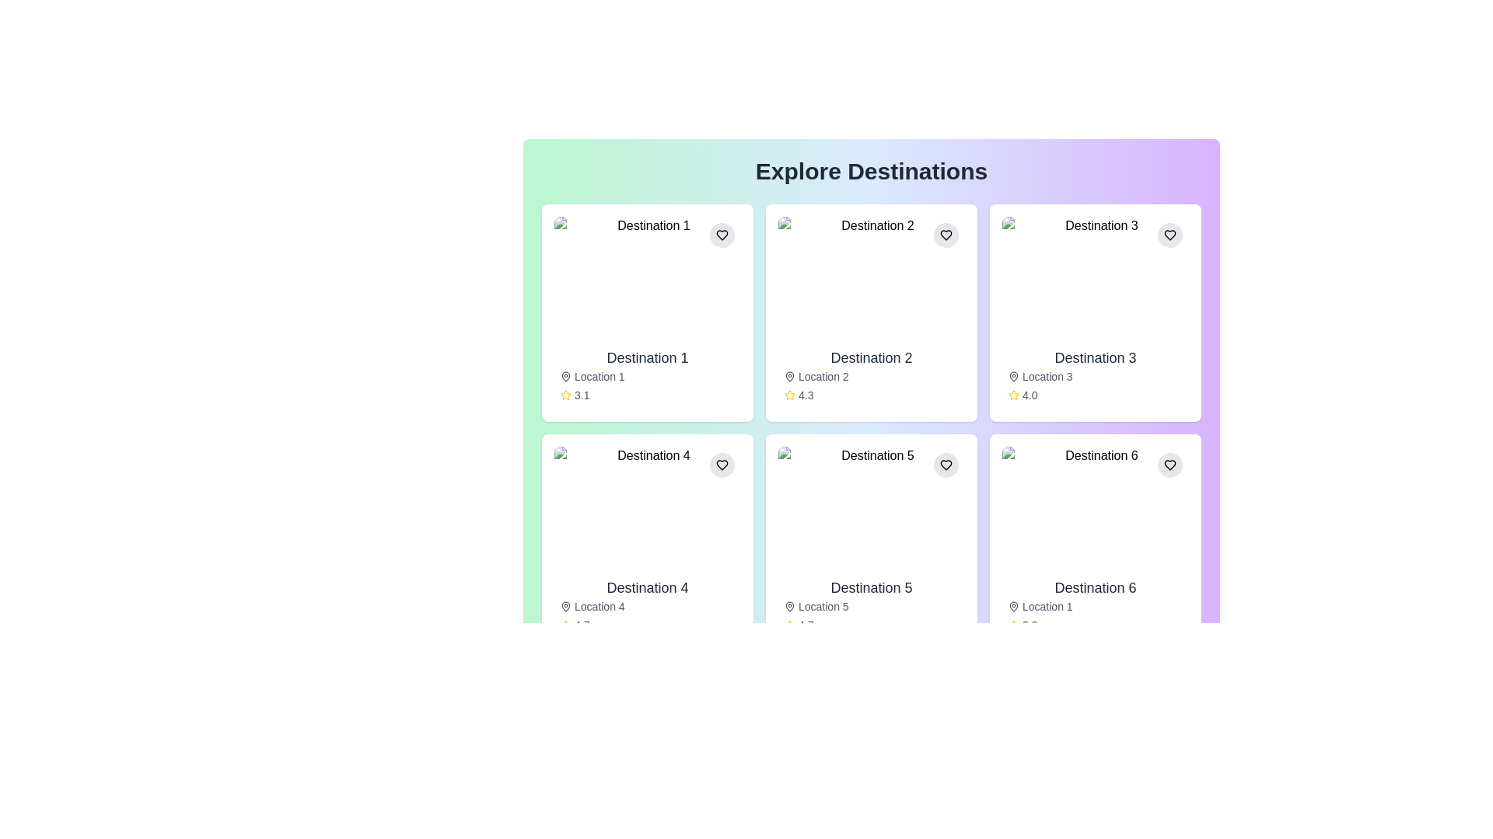 This screenshot has height=839, width=1493. Describe the element at coordinates (722, 235) in the screenshot. I see `the 'like' button located at the top-right corner of the 'Destination 1' card` at that location.